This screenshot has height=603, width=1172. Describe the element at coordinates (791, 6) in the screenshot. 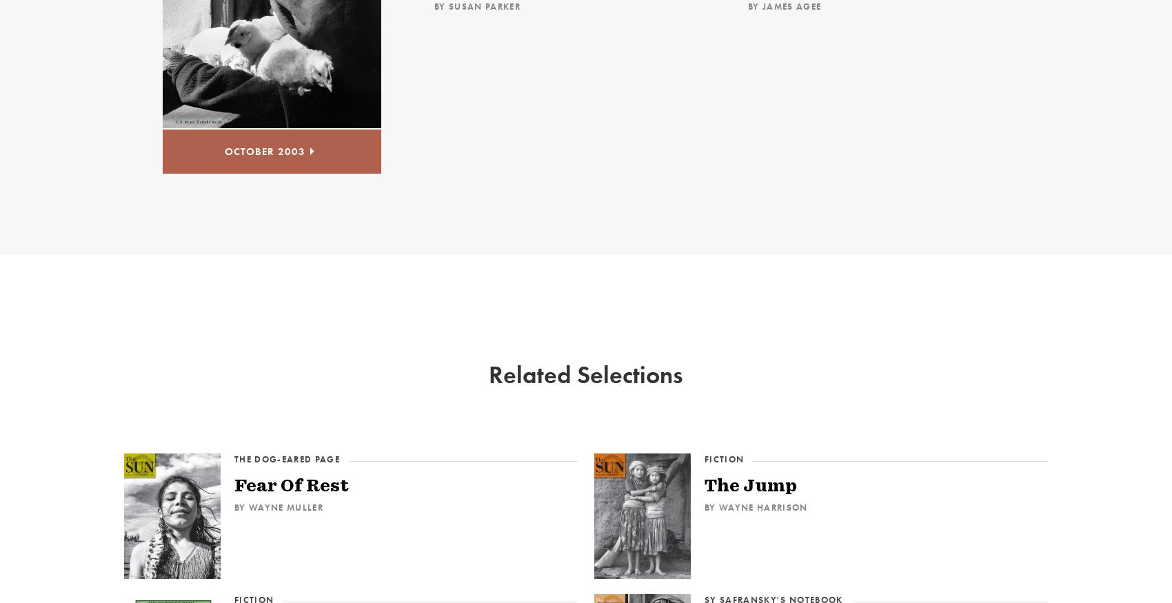

I see `'James  Agee'` at that location.